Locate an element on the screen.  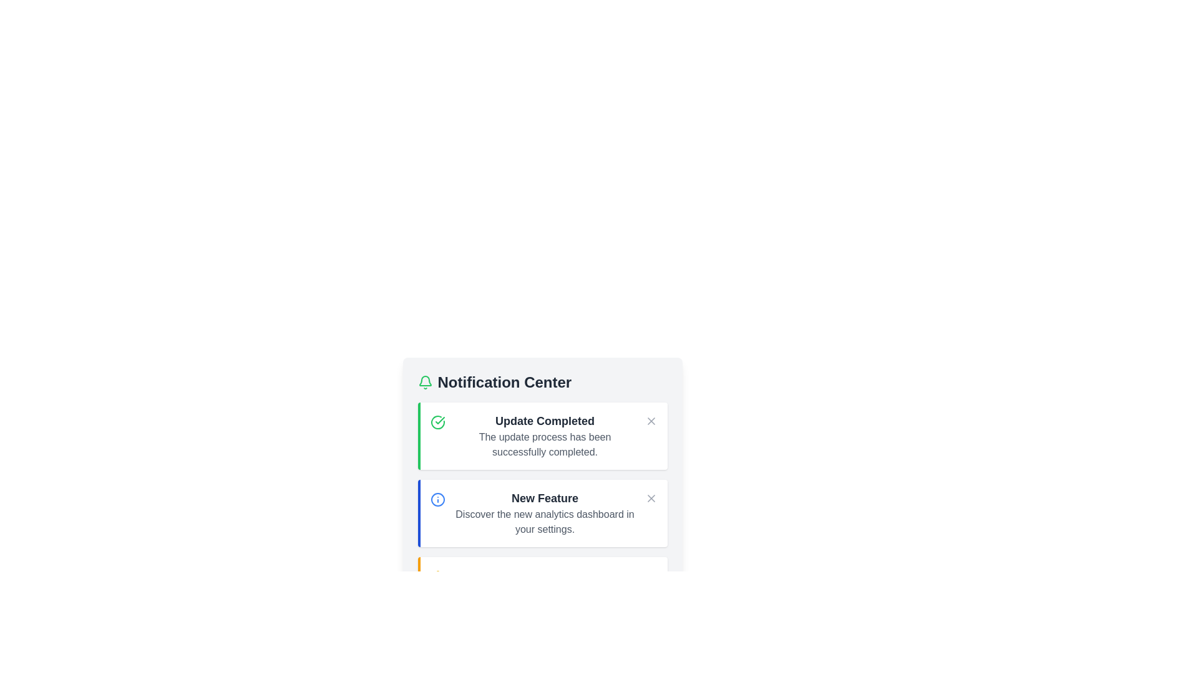
the text label that reads 'New Feature' styled in bold, large gray font, located at the top of the notification card in the Notification Center interface is located at coordinates (545, 497).